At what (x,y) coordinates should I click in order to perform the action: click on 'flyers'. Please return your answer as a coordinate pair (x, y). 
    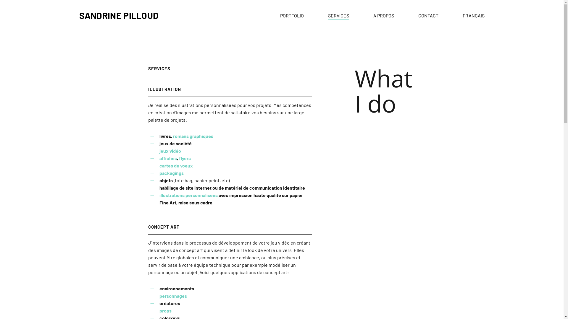
    Looking at the image, I should click on (178, 158).